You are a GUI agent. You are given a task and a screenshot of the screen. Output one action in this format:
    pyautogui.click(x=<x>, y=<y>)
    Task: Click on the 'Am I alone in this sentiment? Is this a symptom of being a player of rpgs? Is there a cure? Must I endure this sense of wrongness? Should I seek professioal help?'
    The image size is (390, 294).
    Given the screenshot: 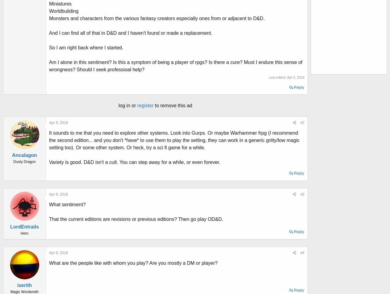 What is the action you would take?
    pyautogui.click(x=175, y=66)
    